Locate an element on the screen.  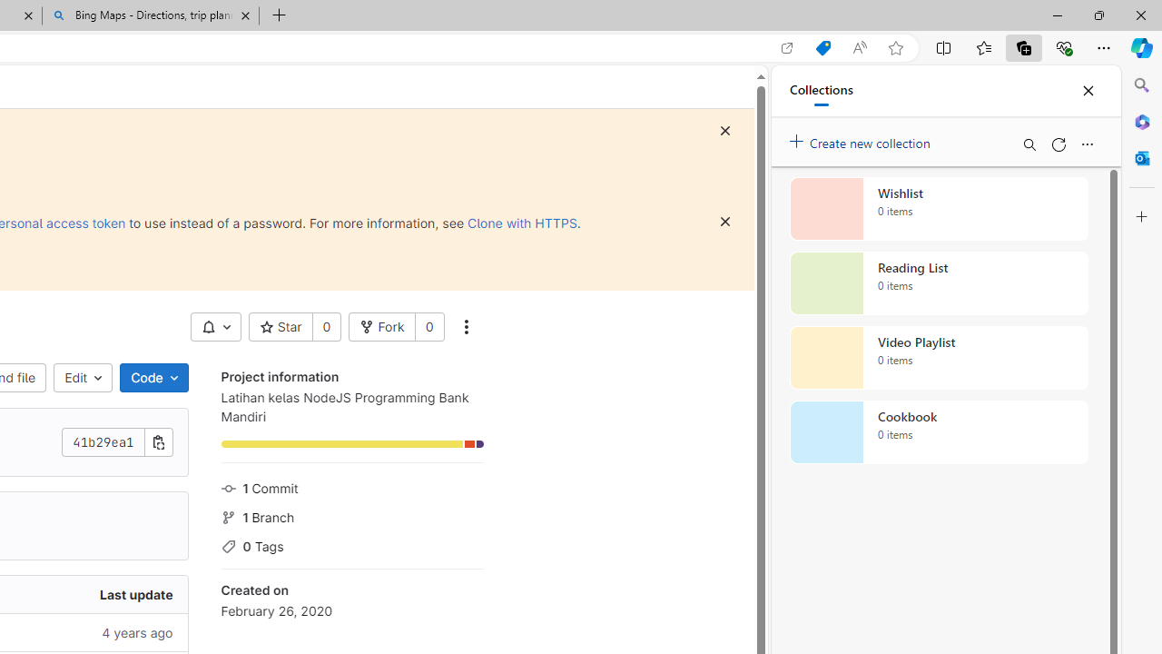
'Browser essentials' is located at coordinates (1063, 46).